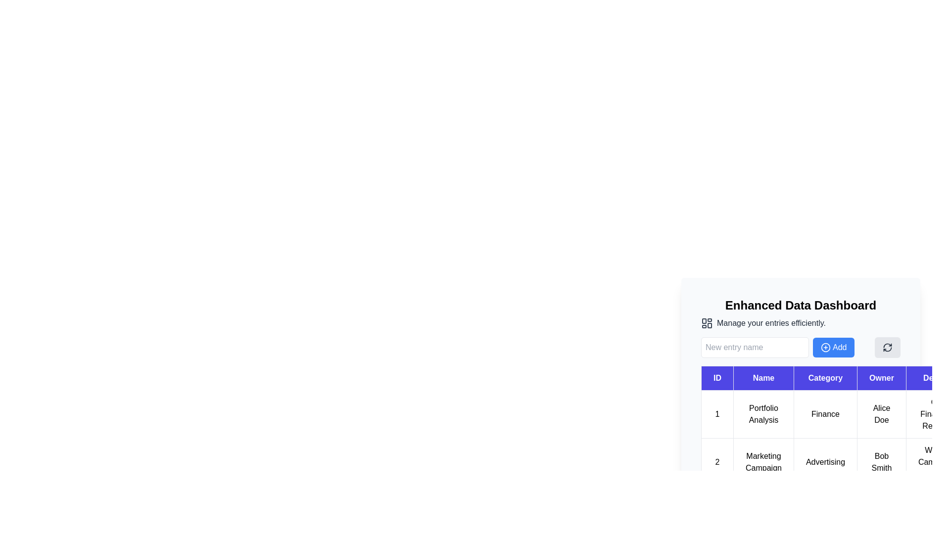  Describe the element at coordinates (881, 462) in the screenshot. I see `on the text element displaying 'Bob Smith' in black font located in the 'Owner' column of the table, specifically in row ID '2' for 'Marketing Campaign'` at that location.